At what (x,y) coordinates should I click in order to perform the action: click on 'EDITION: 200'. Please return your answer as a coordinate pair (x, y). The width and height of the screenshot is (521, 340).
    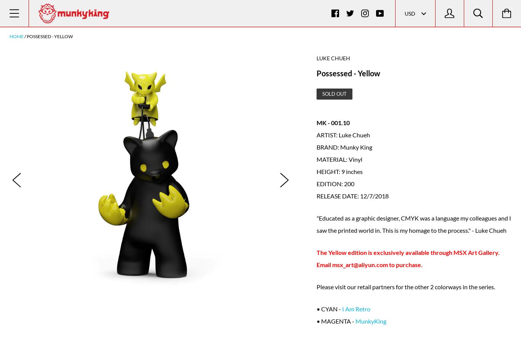
    Looking at the image, I should click on (335, 183).